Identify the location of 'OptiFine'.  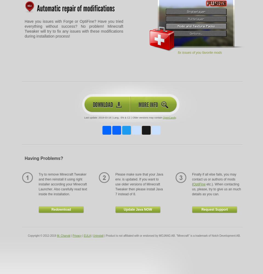
(193, 184).